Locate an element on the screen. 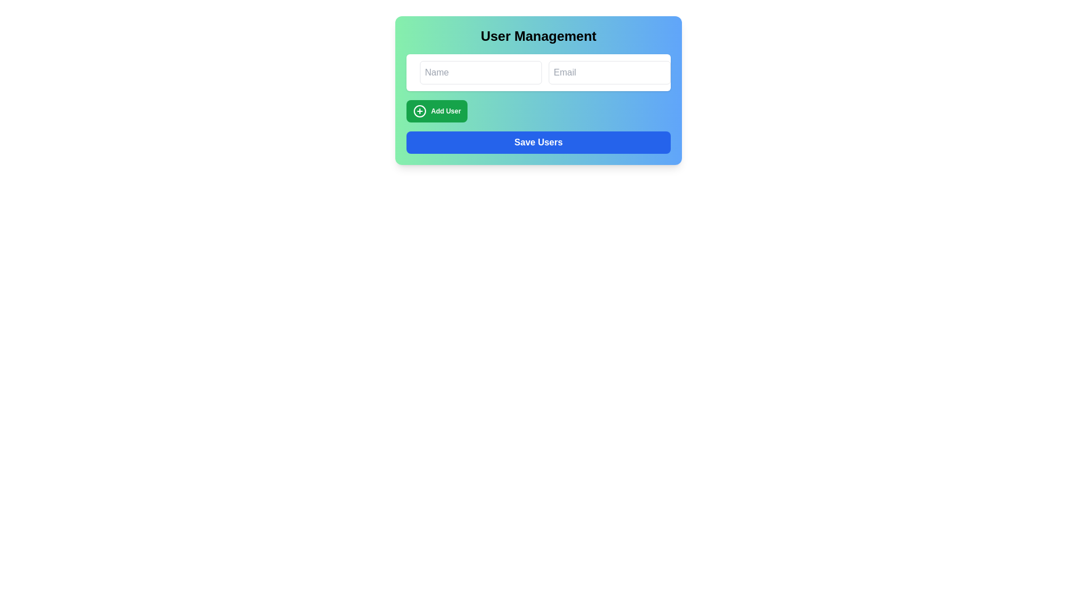 This screenshot has height=604, width=1075. the 'Save Users' button, which is a rectangular button with a blue background and white bold text, located at the bottom of the form is located at coordinates (538, 141).